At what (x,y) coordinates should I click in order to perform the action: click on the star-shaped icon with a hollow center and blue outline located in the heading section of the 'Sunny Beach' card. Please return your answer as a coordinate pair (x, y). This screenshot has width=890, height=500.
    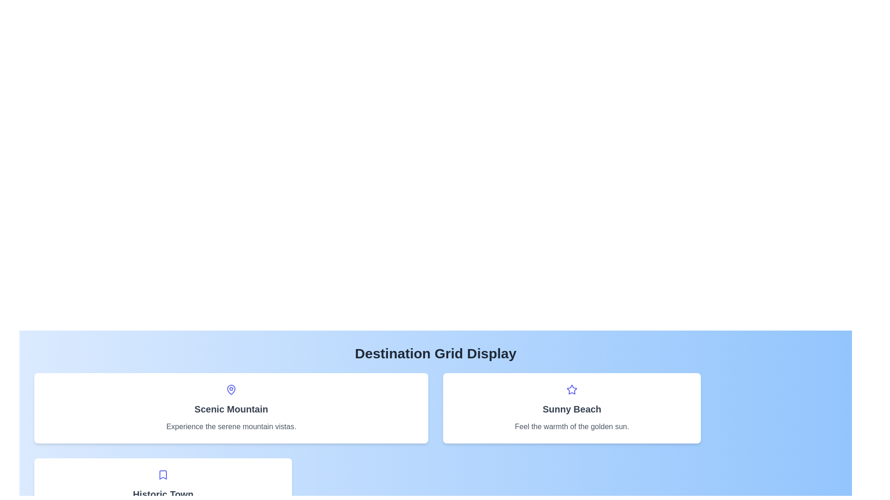
    Looking at the image, I should click on (571, 389).